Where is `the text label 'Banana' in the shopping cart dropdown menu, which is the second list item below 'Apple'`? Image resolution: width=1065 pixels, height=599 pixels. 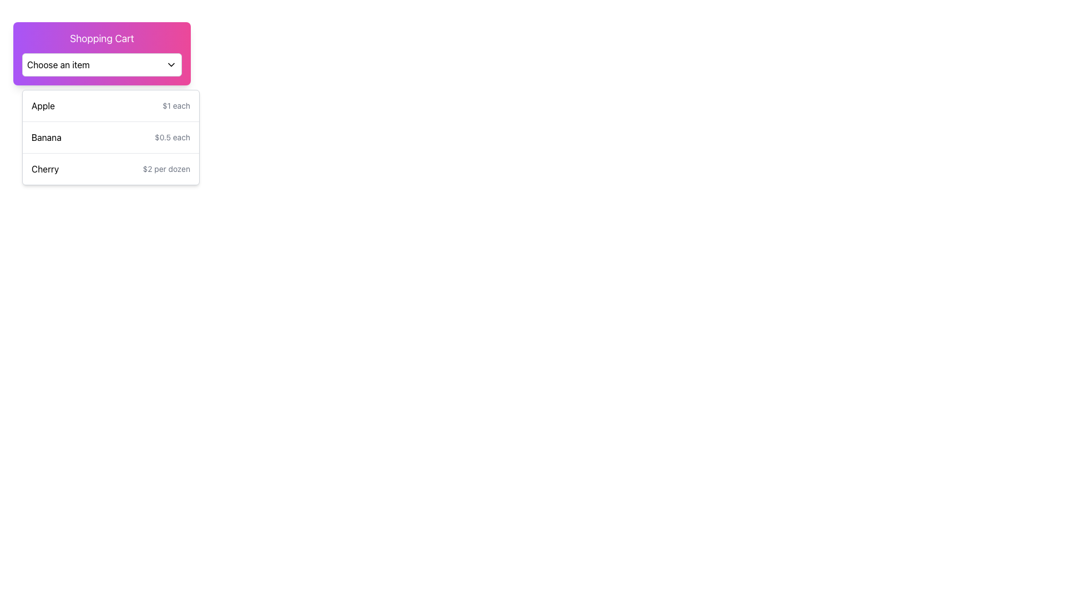 the text label 'Banana' in the shopping cart dropdown menu, which is the second list item below 'Apple' is located at coordinates (45, 136).